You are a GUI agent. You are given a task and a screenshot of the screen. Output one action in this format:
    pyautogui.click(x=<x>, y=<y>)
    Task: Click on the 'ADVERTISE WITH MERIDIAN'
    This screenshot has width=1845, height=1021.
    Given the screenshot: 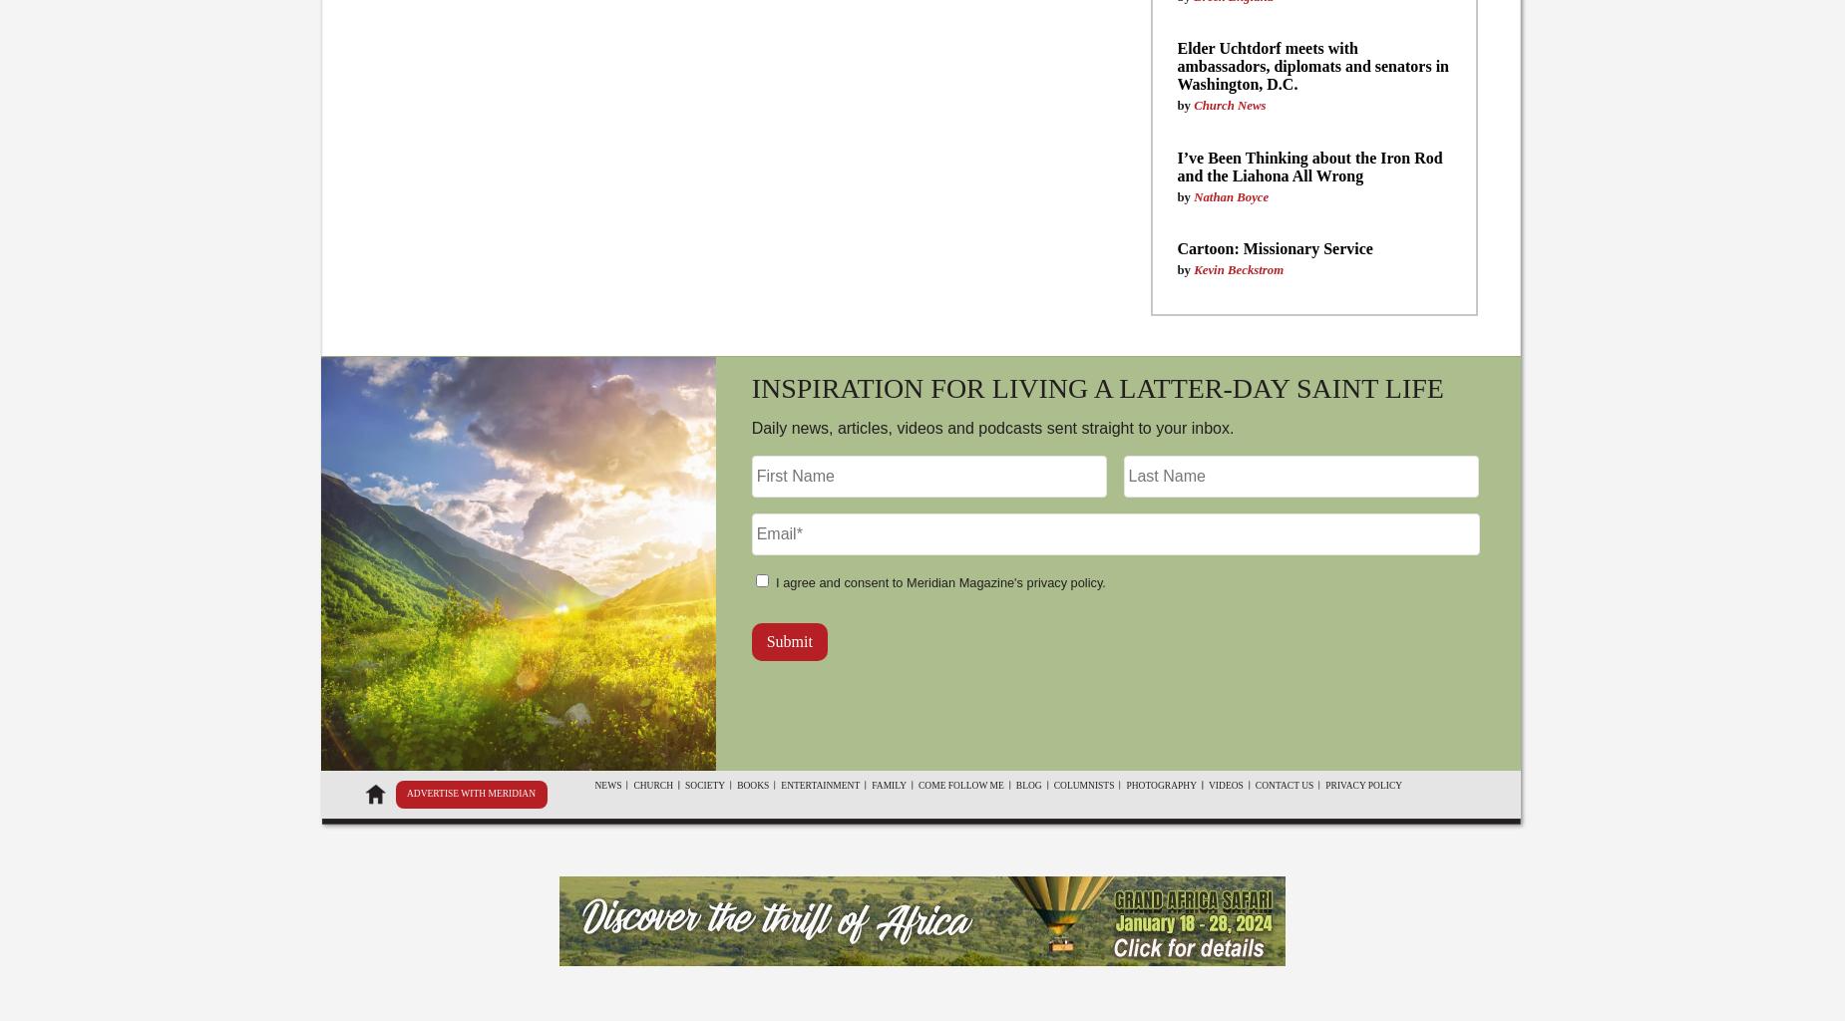 What is the action you would take?
    pyautogui.click(x=470, y=793)
    